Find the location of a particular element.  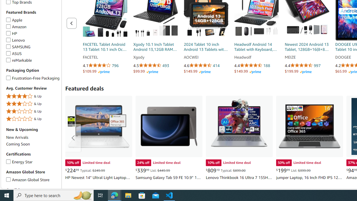

'New Arrivals' is located at coordinates (32, 137).